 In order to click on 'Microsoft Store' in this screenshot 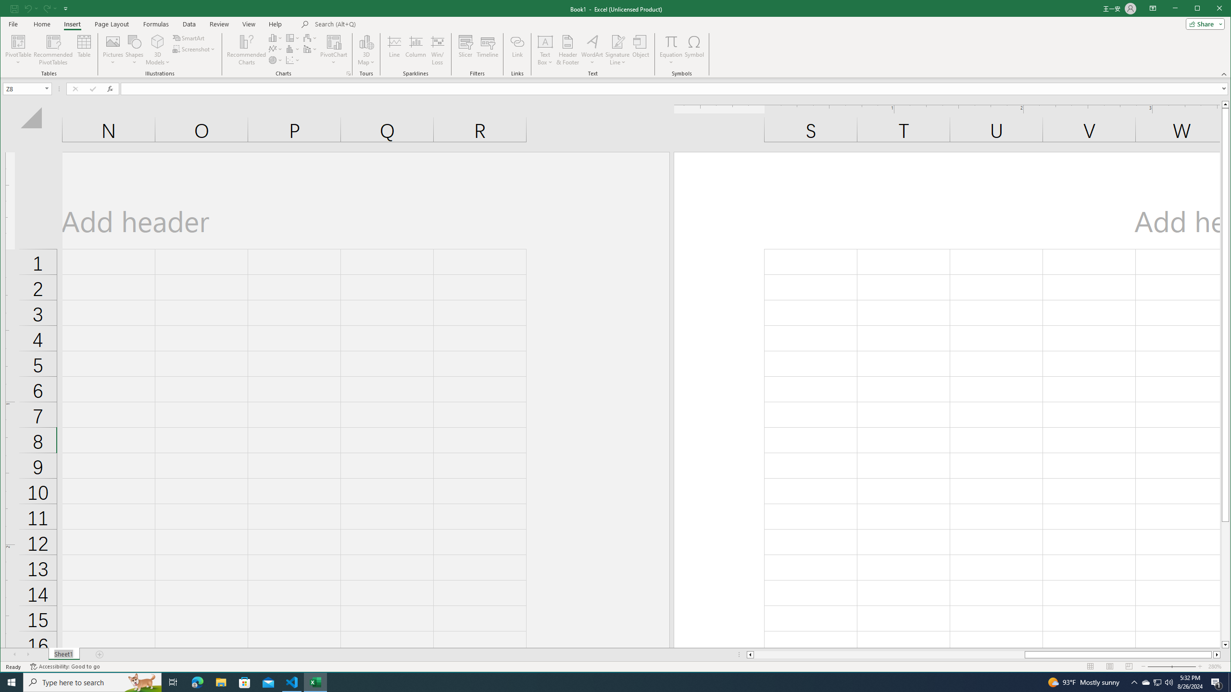, I will do `click(245, 681)`.